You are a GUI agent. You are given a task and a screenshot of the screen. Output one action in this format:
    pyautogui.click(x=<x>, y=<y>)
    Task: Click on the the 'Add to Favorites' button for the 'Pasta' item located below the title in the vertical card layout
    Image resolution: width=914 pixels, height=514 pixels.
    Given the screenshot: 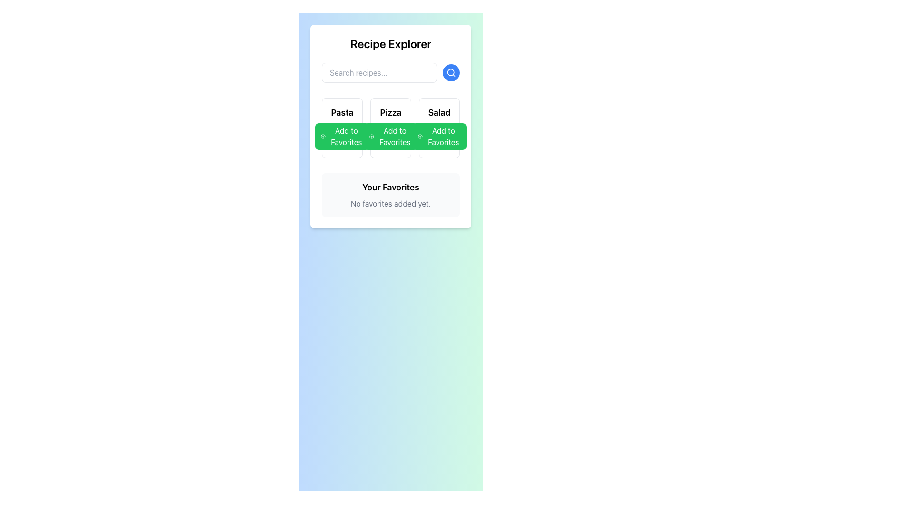 What is the action you would take?
    pyautogui.click(x=342, y=136)
    